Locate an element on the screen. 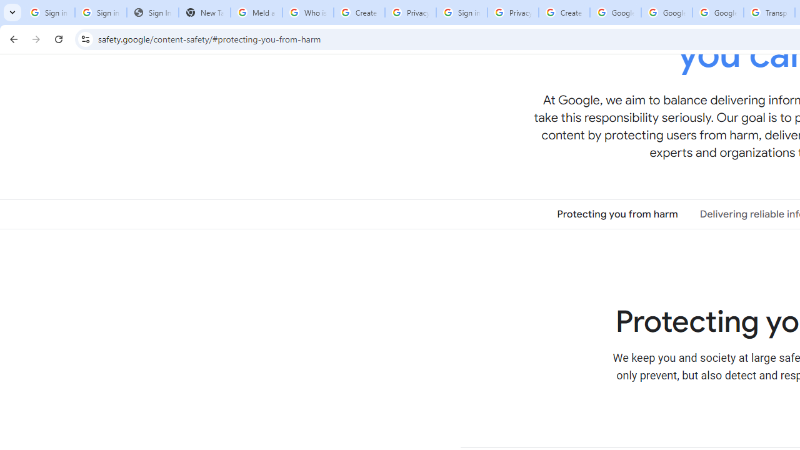  'Create your Google Account' is located at coordinates (564, 12).